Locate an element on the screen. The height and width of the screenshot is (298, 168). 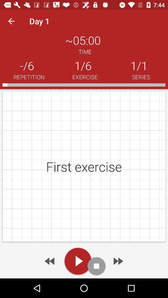
button is located at coordinates (78, 261).